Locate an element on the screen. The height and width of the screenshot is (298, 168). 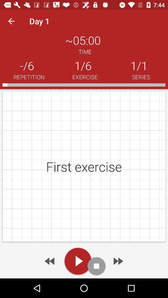
button is located at coordinates (78, 261).